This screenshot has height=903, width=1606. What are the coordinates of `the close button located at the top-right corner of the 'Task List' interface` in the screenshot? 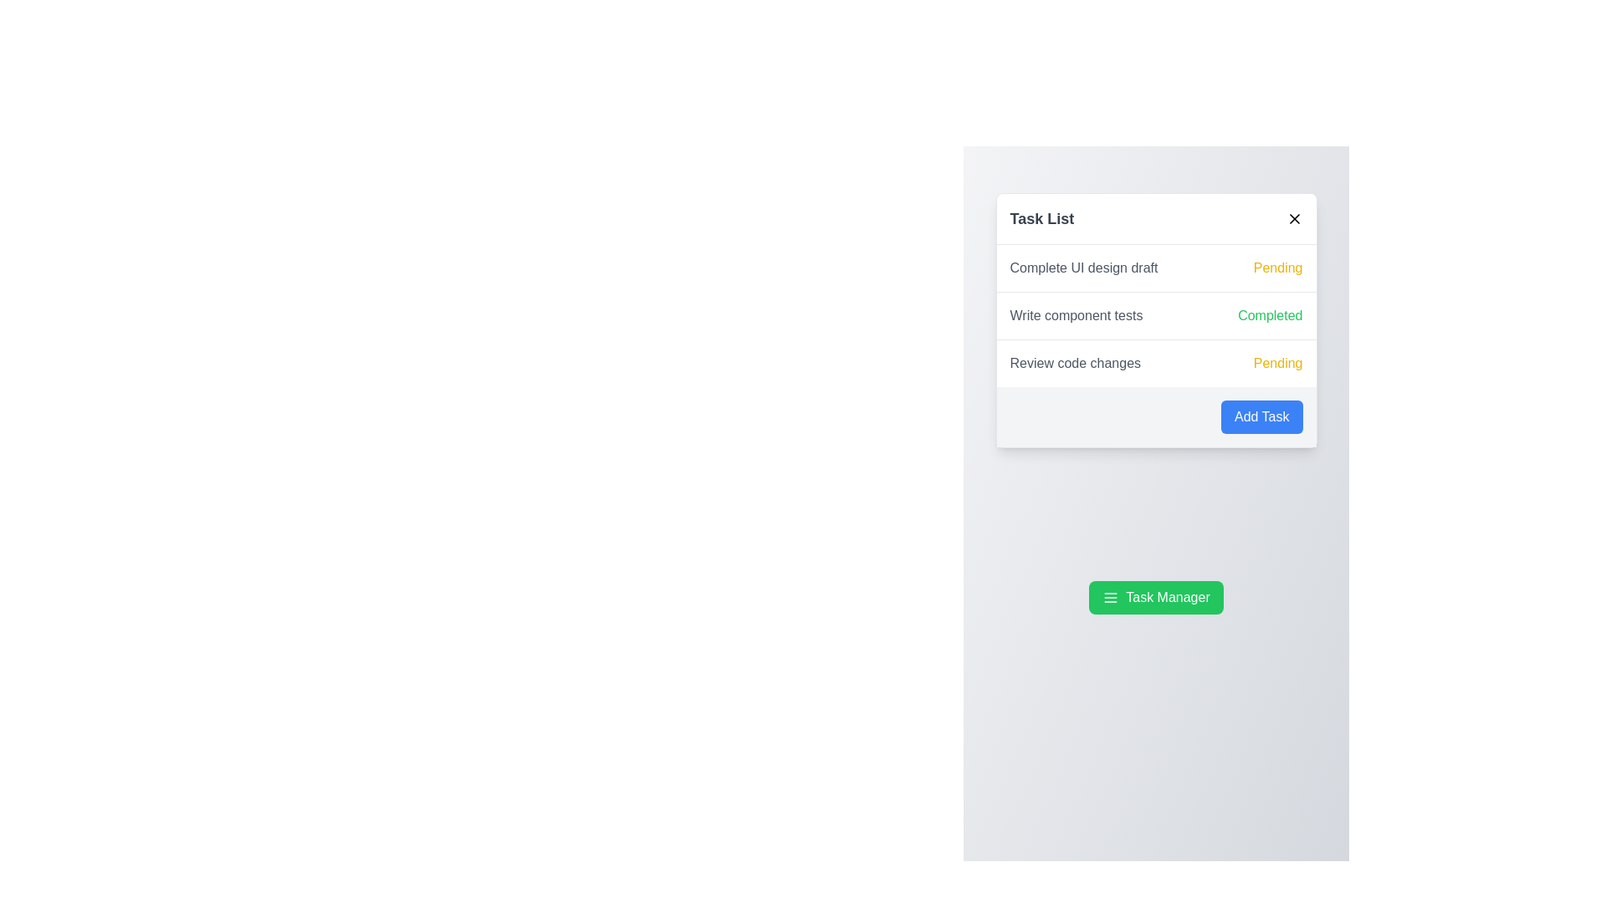 It's located at (1293, 218).